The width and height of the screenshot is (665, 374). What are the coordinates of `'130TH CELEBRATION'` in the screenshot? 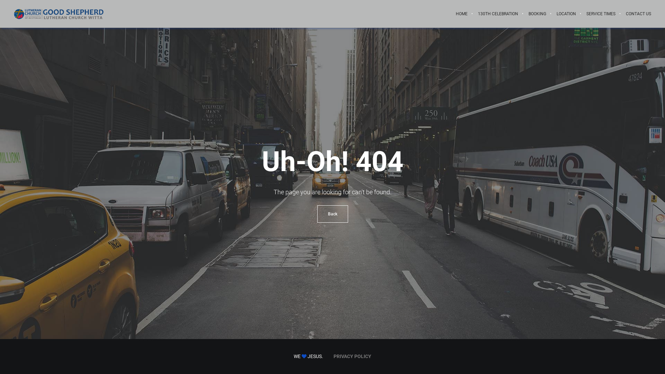 It's located at (498, 14).